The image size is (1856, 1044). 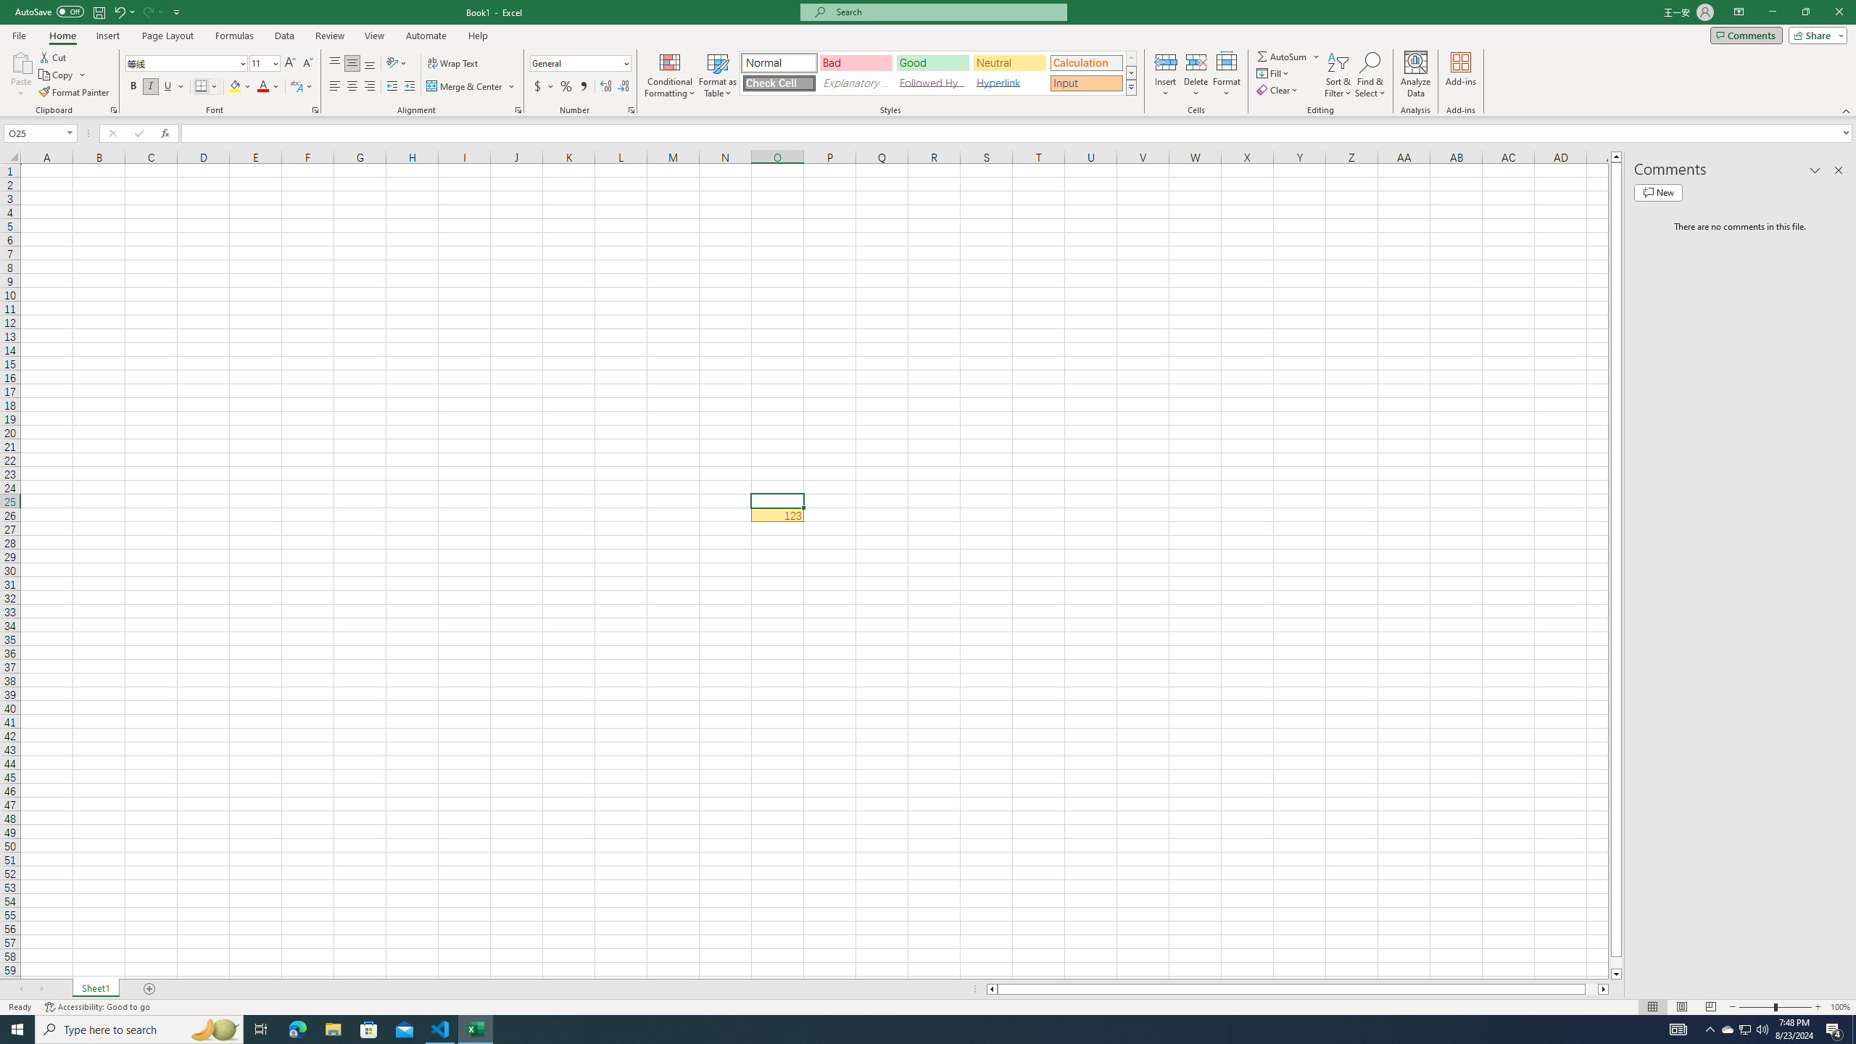 I want to click on 'Font', so click(x=186, y=63).